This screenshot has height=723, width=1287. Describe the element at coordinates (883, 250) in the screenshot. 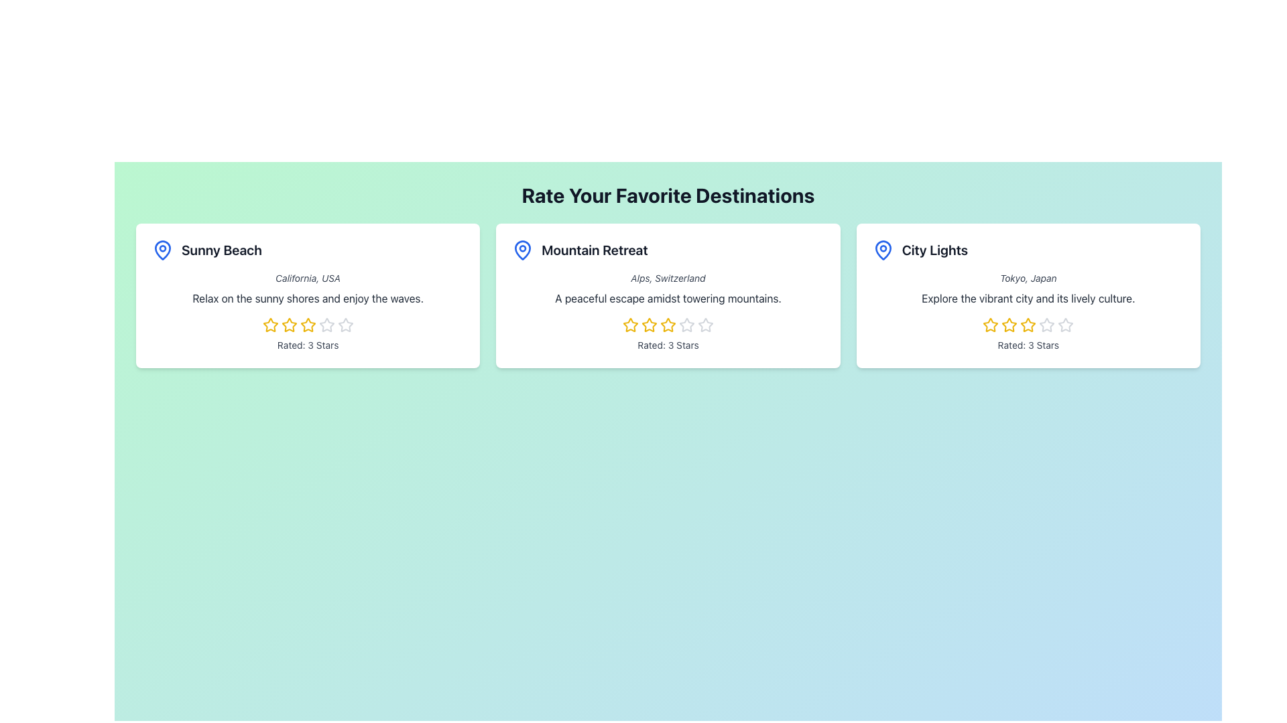

I see `the location marker icon located at the top-left corner of the 'City Lights' card` at that location.